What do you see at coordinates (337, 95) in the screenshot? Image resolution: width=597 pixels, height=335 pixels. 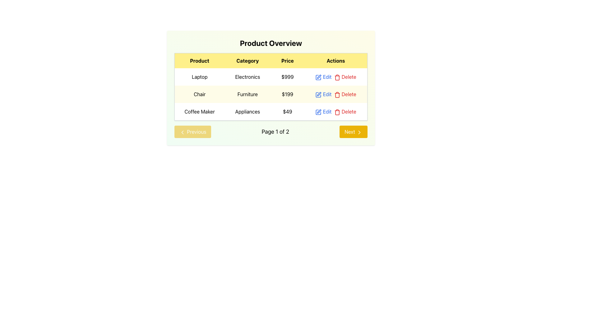 I see `the delete button (trash bin icon) in the 'Actions' column of the table for the 'Chair' product` at bounding box center [337, 95].